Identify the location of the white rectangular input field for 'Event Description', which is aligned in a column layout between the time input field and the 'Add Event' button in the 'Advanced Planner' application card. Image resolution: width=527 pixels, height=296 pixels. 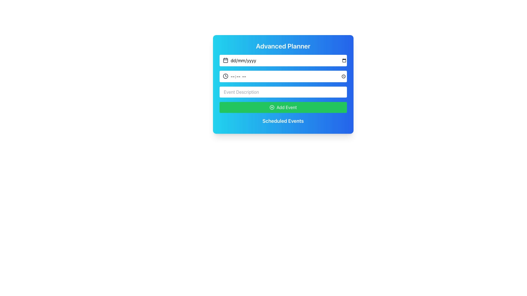
(283, 89).